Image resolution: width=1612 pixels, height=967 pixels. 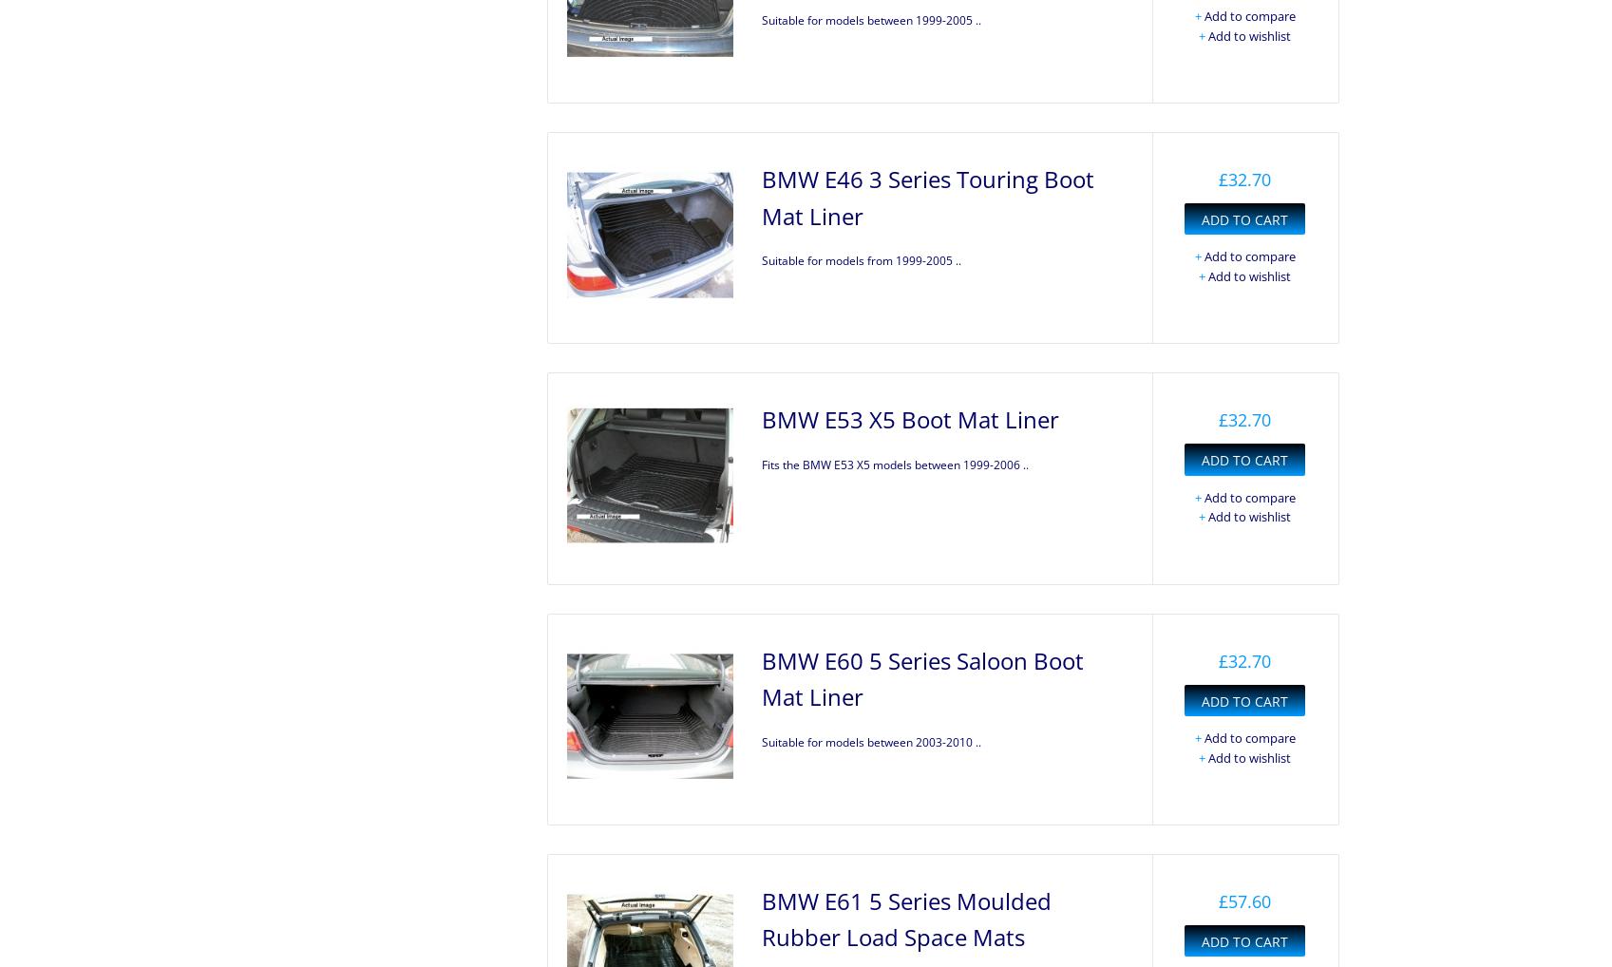 What do you see at coordinates (870, 18) in the screenshot?
I see `'Suitable for models between 1999-2005
..'` at bounding box center [870, 18].